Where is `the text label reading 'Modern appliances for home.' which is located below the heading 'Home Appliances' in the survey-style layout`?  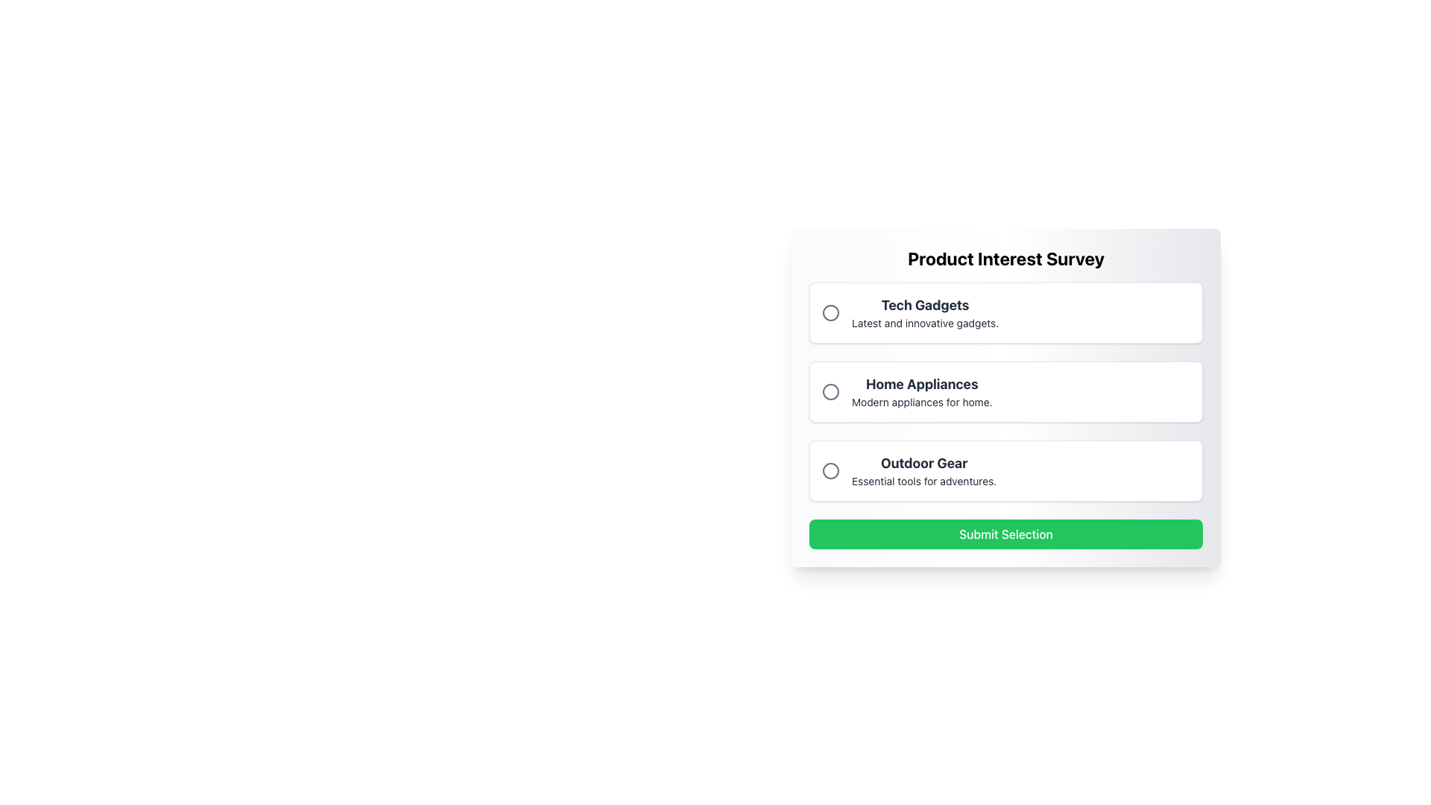
the text label reading 'Modern appliances for home.' which is located below the heading 'Home Appliances' in the survey-style layout is located at coordinates (921, 402).